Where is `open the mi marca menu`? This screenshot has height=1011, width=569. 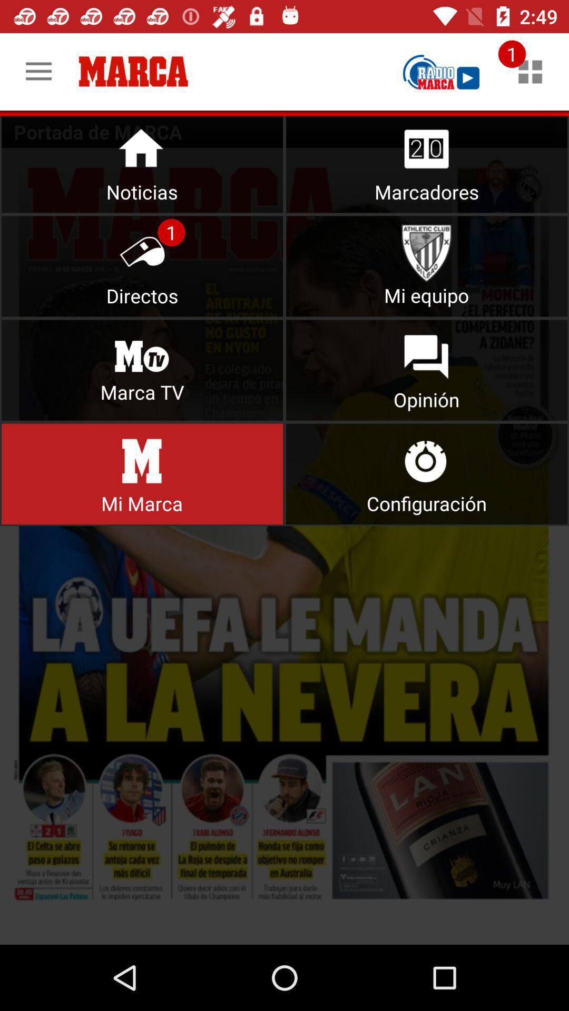 open the mi marca menu is located at coordinates (284, 546).